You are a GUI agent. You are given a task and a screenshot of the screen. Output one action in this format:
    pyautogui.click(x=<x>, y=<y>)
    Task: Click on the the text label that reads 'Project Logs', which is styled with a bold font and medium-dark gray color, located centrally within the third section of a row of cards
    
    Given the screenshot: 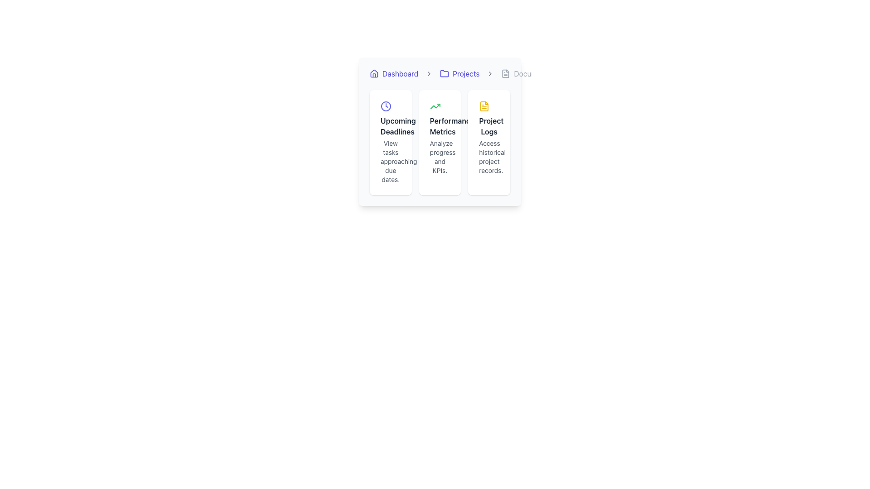 What is the action you would take?
    pyautogui.click(x=488, y=126)
    